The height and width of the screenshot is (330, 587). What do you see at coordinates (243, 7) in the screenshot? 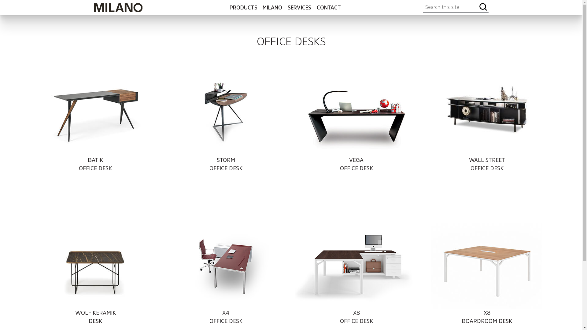
I see `'PRODUCTS'` at bounding box center [243, 7].